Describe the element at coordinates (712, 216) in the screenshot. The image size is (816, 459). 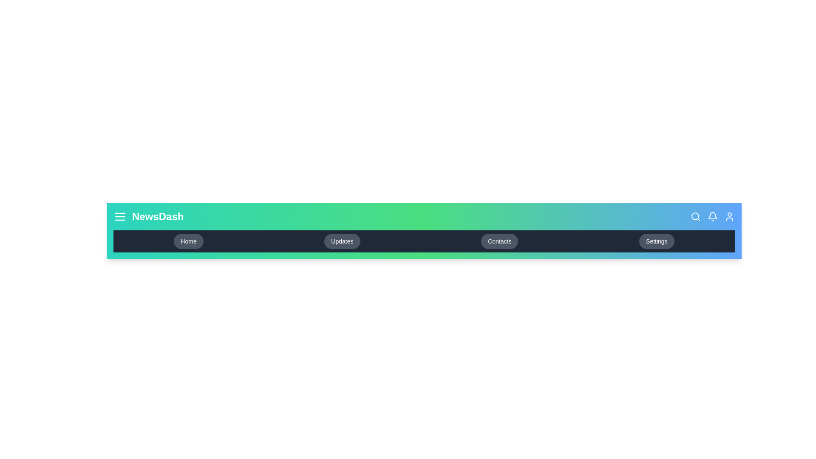
I see `the notification icon in the app bar` at that location.